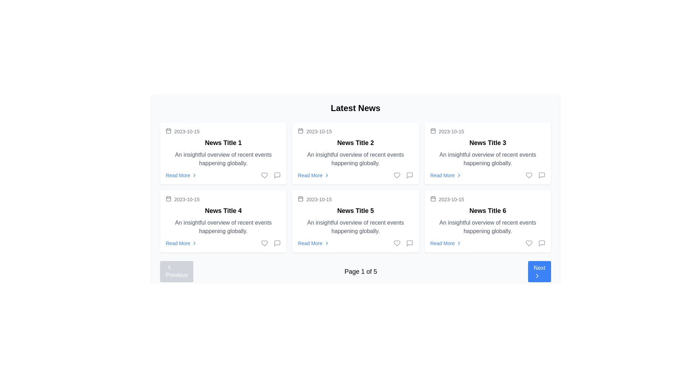 The width and height of the screenshot is (680, 382). What do you see at coordinates (442, 243) in the screenshot?
I see `the 'Read More' text link` at bounding box center [442, 243].